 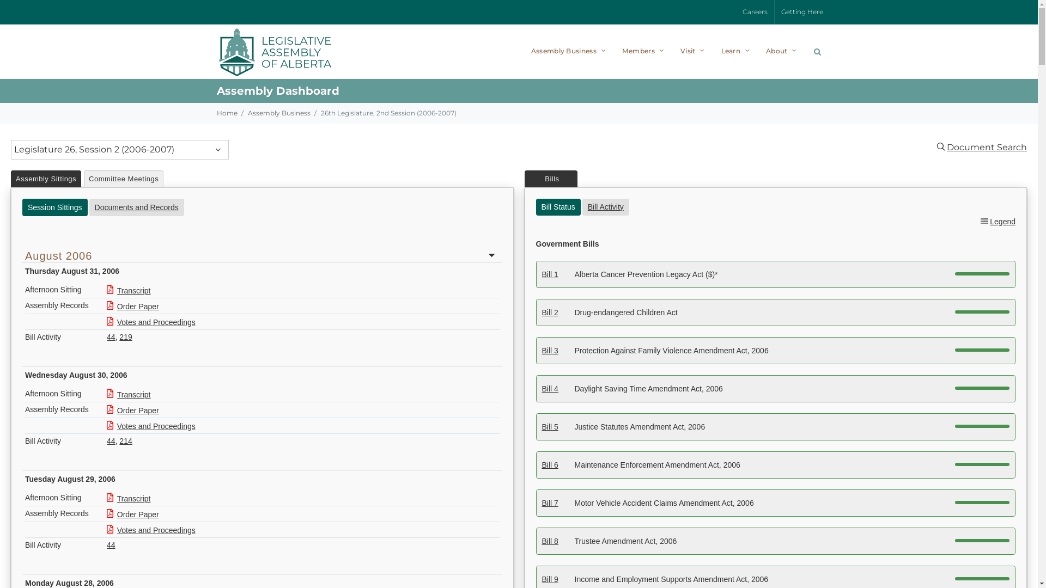 I want to click on 'Members', so click(x=644, y=51).